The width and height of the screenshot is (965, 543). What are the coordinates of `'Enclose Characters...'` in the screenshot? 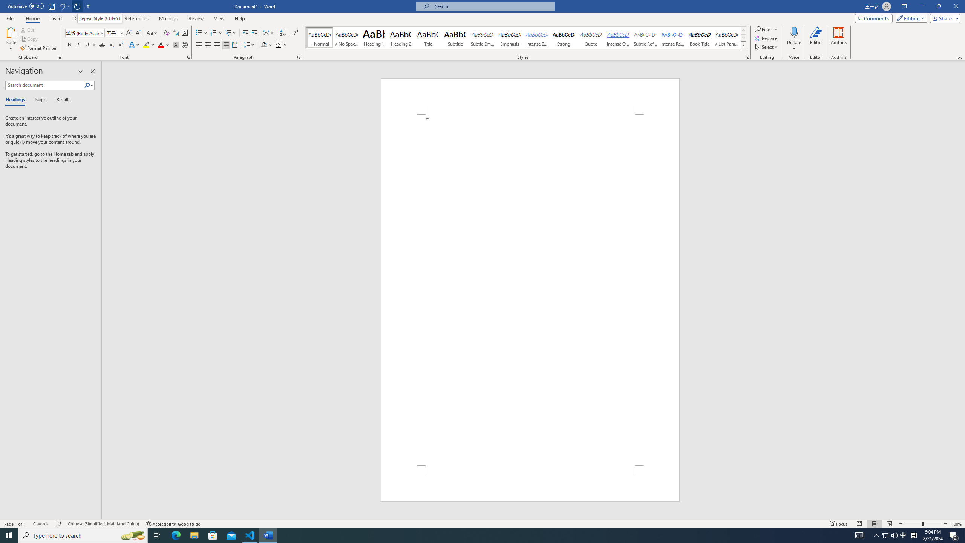 It's located at (184, 44).